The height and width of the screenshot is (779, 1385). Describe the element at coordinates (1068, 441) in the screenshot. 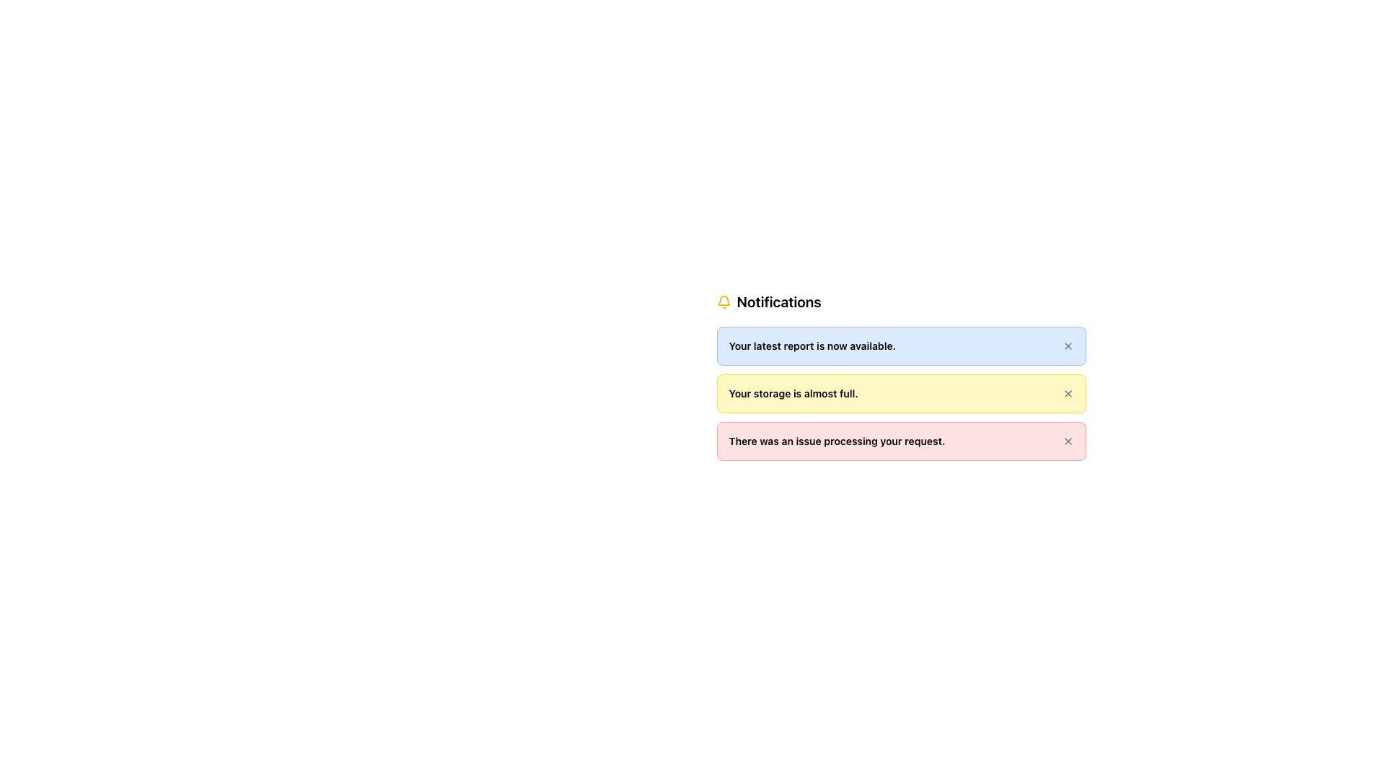

I see `the close button icon located at the top-right corner of the notification banner with a light red background` at that location.